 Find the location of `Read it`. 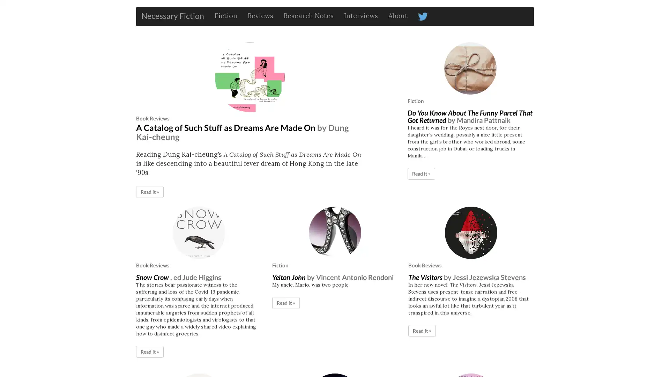

Read it is located at coordinates (149, 192).